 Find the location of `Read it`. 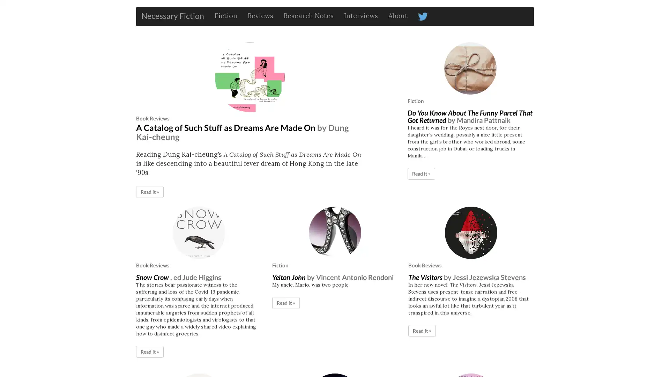

Read it is located at coordinates (149, 192).